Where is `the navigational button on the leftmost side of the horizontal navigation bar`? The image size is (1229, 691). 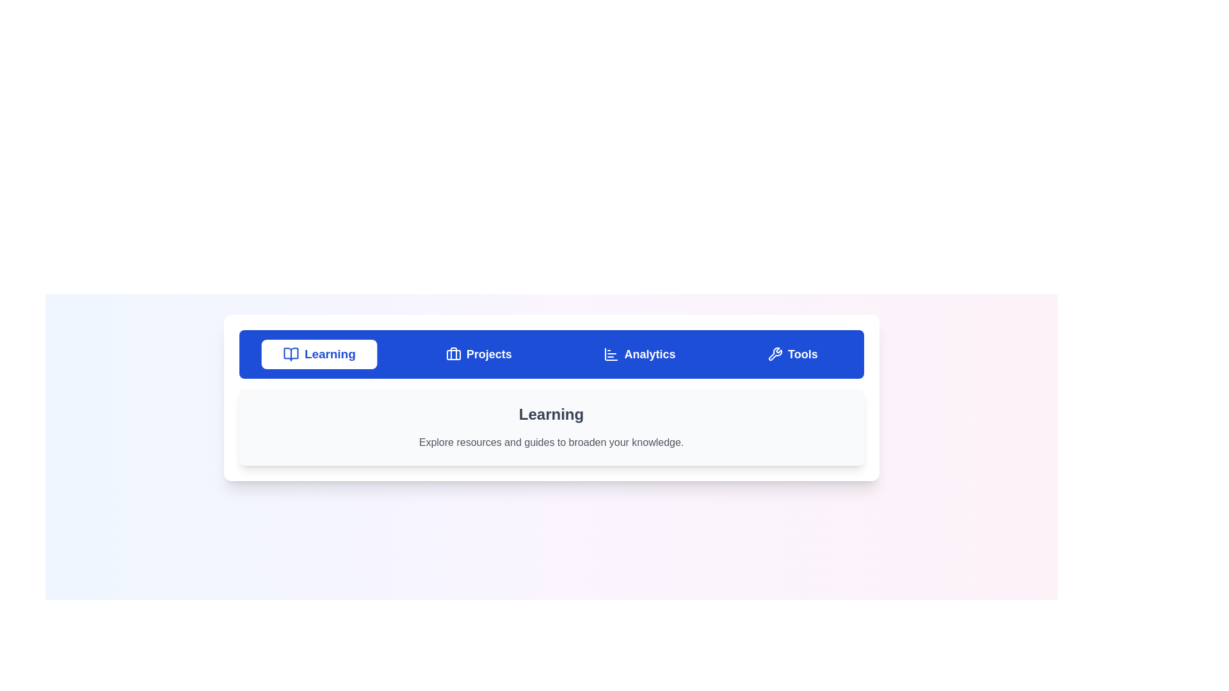 the navigational button on the leftmost side of the horizontal navigation bar is located at coordinates (319, 354).